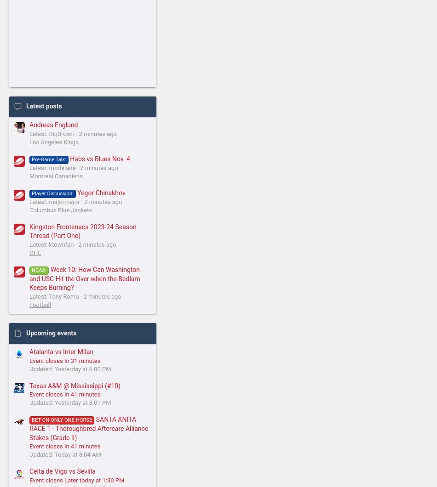 This screenshot has height=487, width=437. I want to click on 'Today at 9:40 AM', so click(219, 355).